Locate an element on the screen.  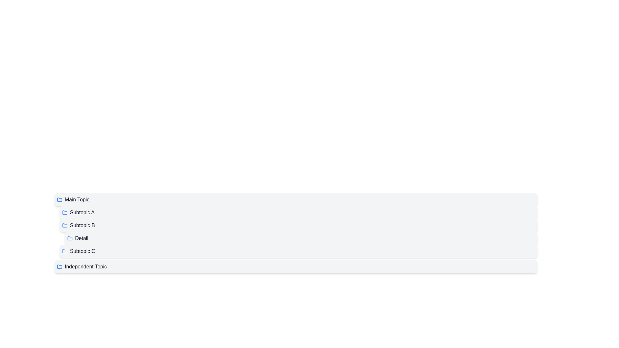
the inner graphical part of the folder icon associated with 'Subtopic C' to aid in navigation and organization is located at coordinates (65, 251).